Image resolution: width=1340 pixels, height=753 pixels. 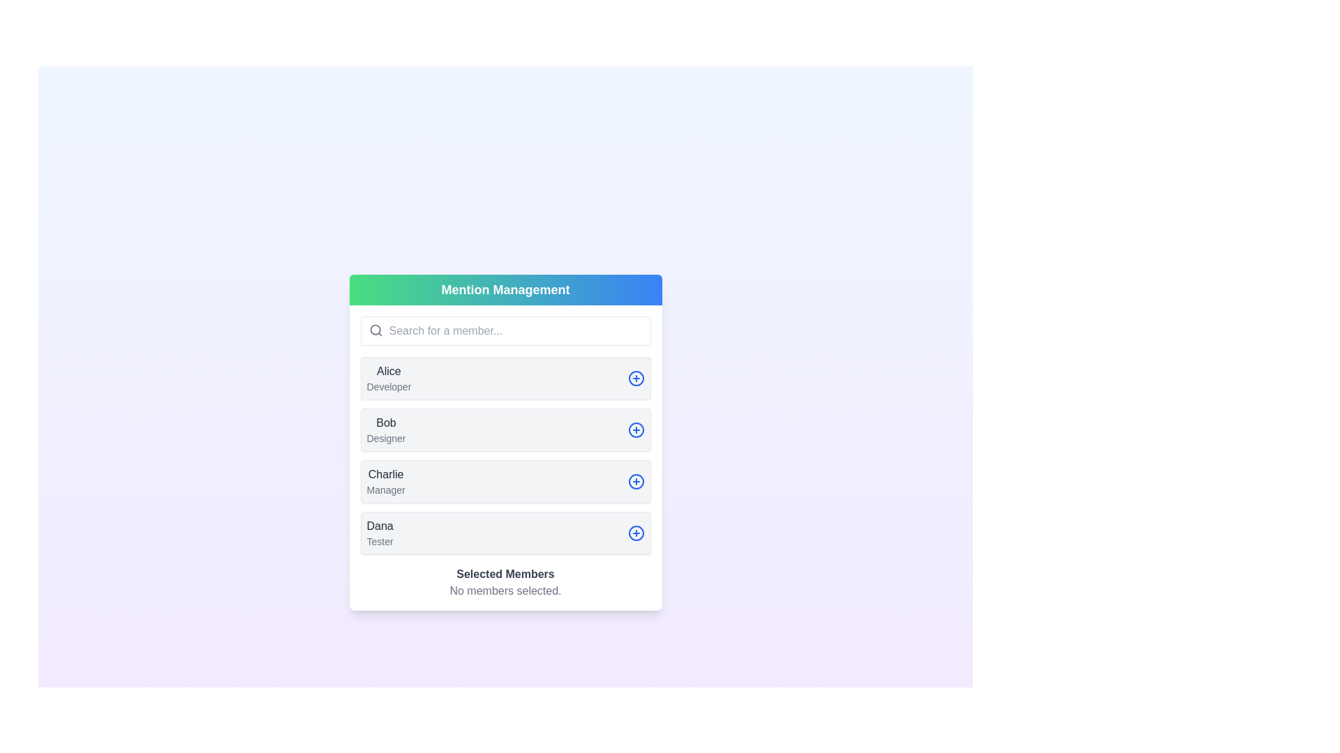 I want to click on the circular addition icon button associated with 'Charlie - Manager', which is the third button in a vertical list of four buttons, so click(x=635, y=480).